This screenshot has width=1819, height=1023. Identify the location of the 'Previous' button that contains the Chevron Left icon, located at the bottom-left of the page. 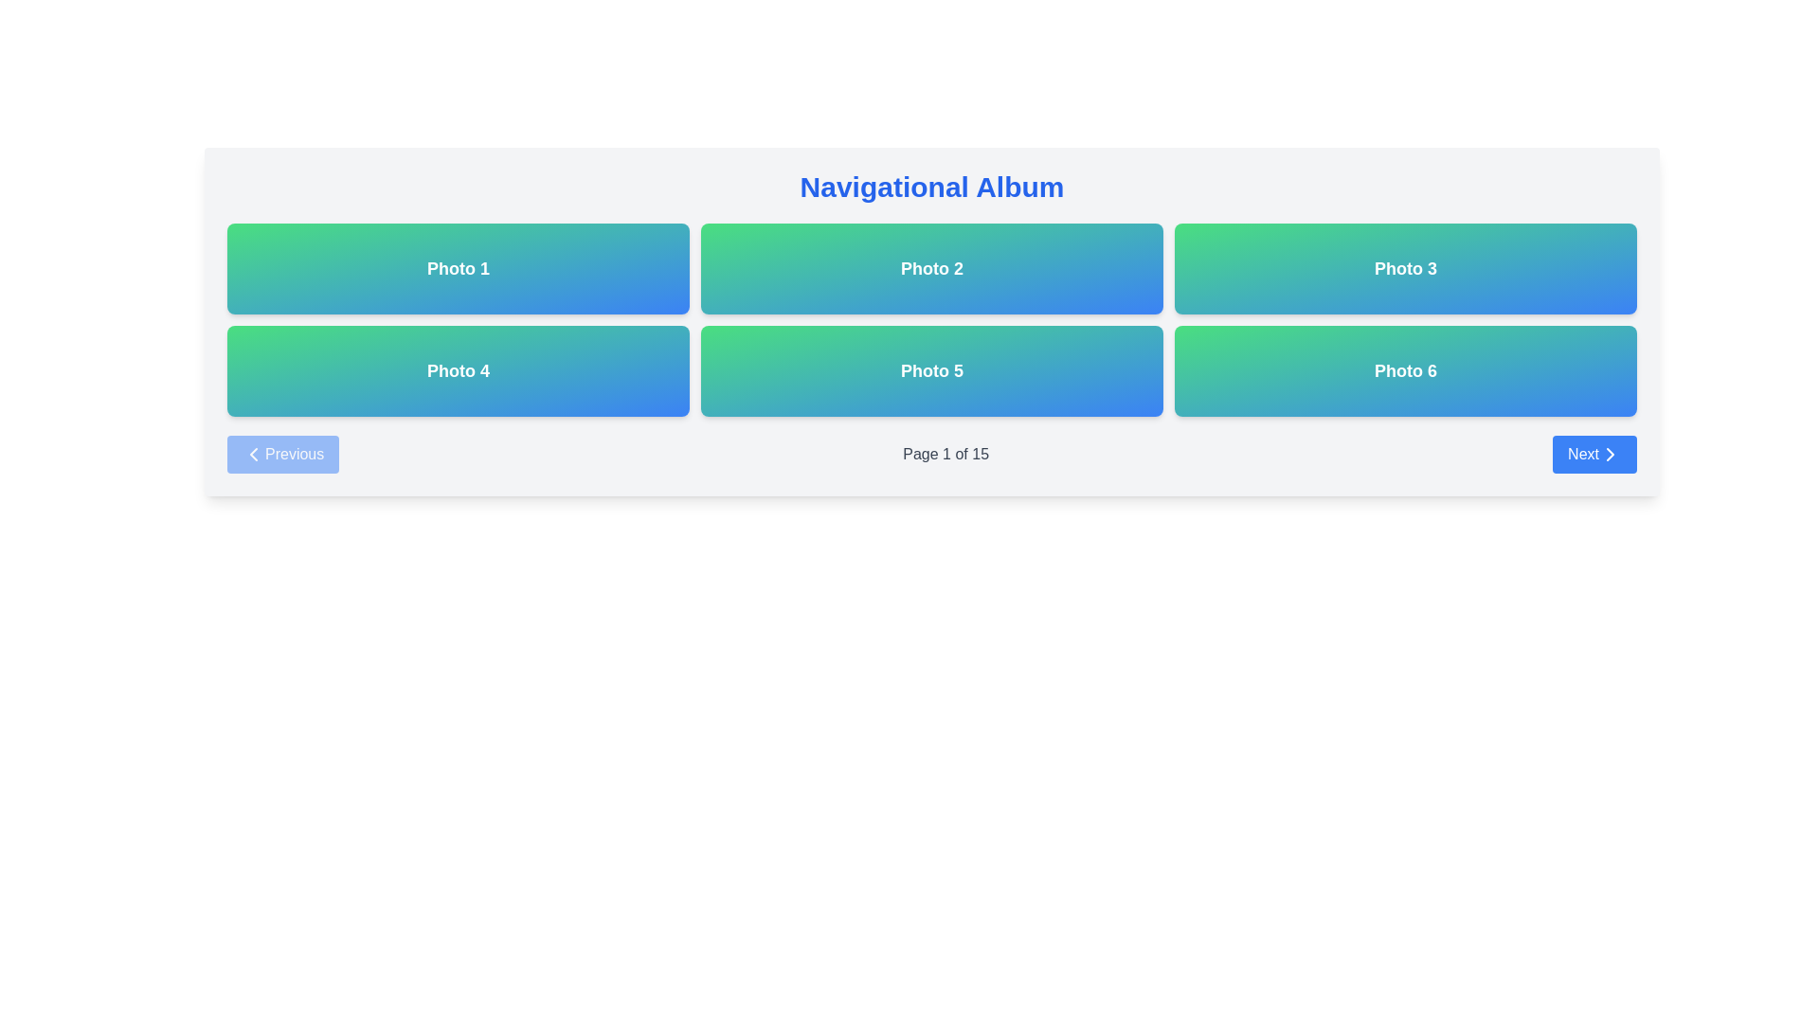
(253, 454).